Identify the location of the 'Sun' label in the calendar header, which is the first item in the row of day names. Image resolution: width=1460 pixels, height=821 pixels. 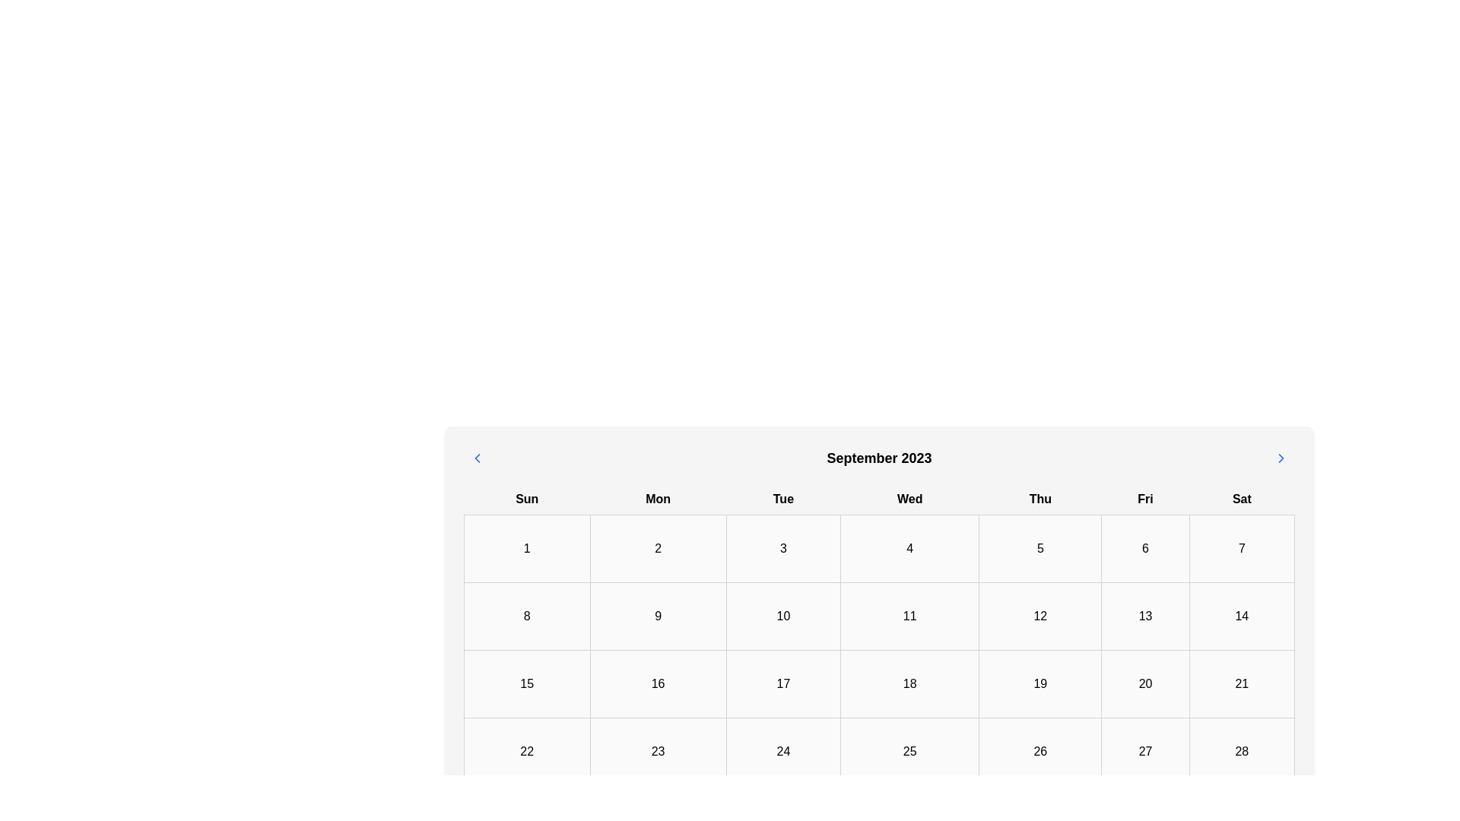
(527, 499).